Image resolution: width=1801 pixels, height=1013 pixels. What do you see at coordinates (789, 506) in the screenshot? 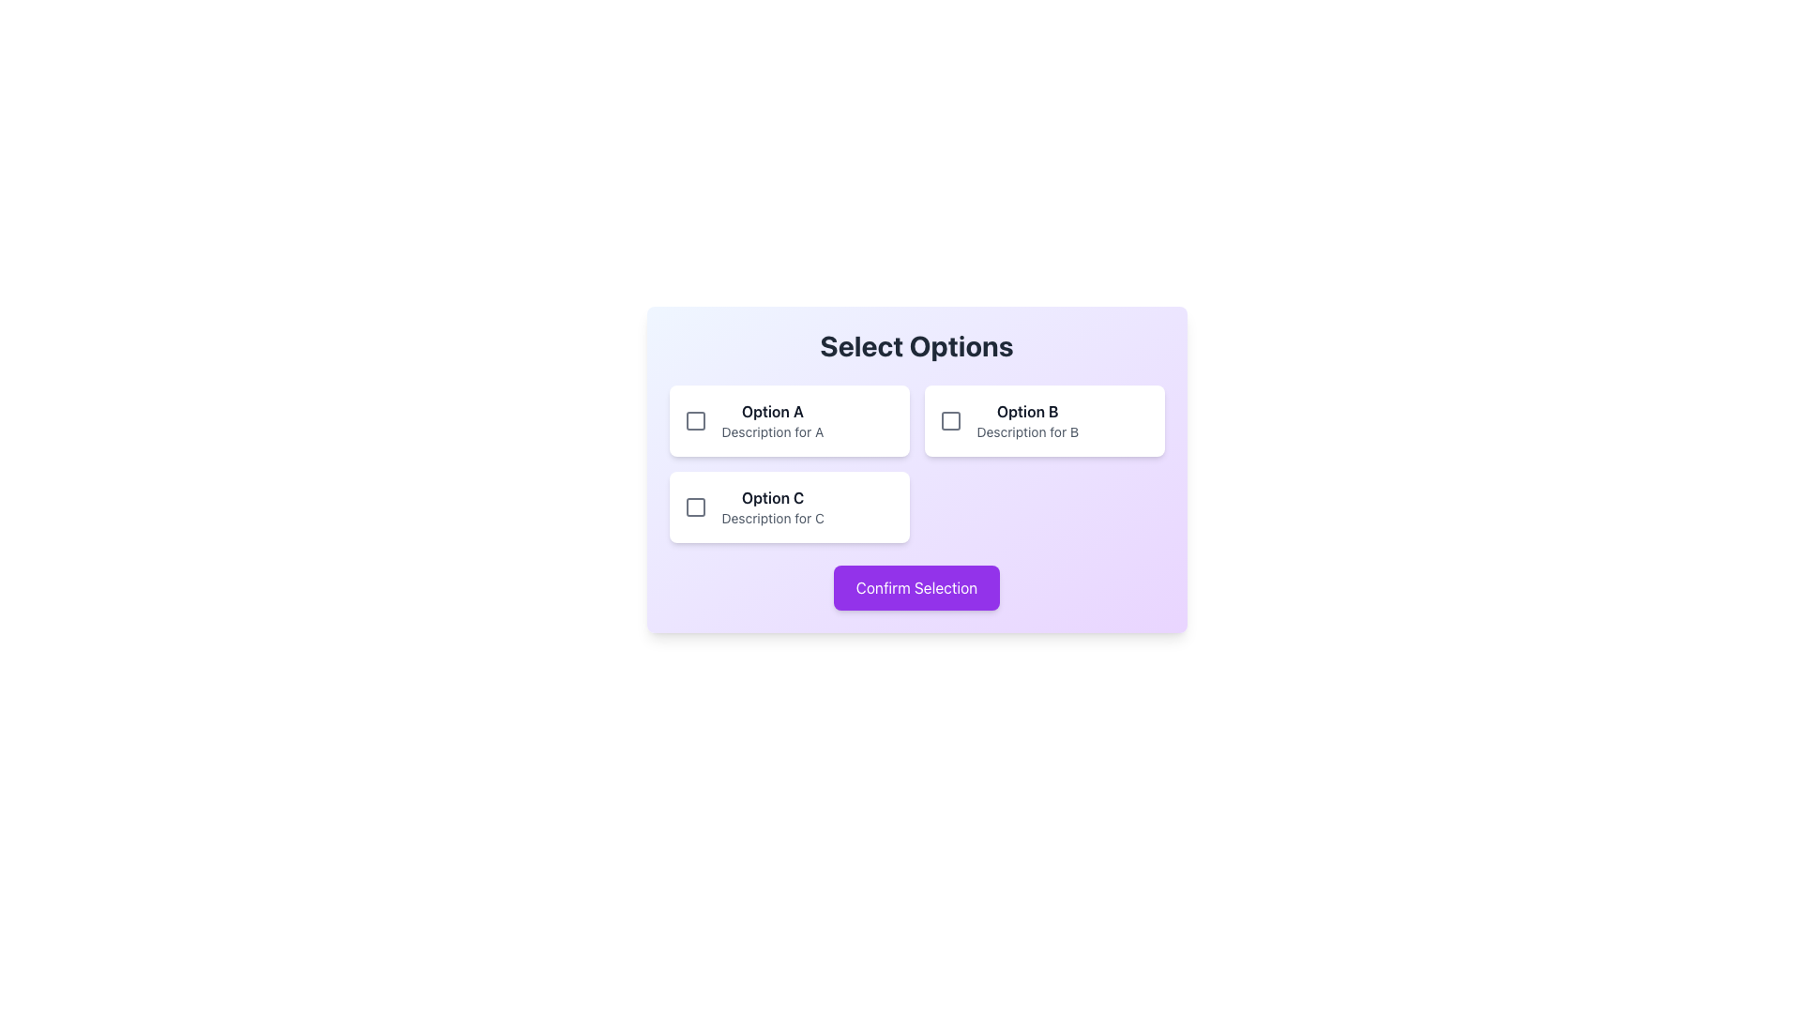
I see `the checkbox of the Option Card located at the bottom-left corner of the grid` at bounding box center [789, 506].